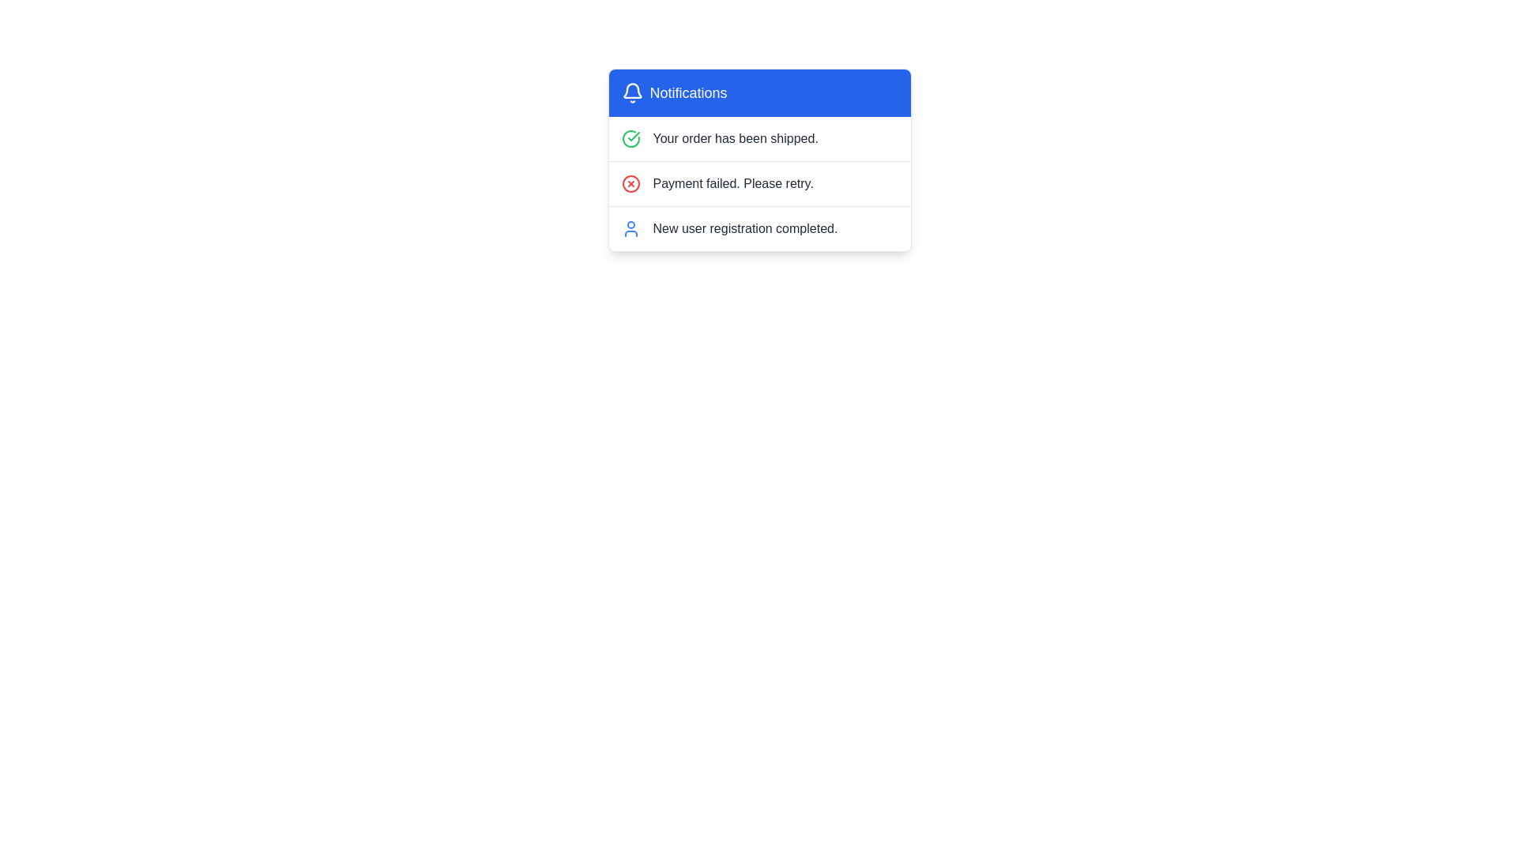  I want to click on the user profile icon located on the left side of the notification item with the text 'New user registration completed.', so click(630, 228).